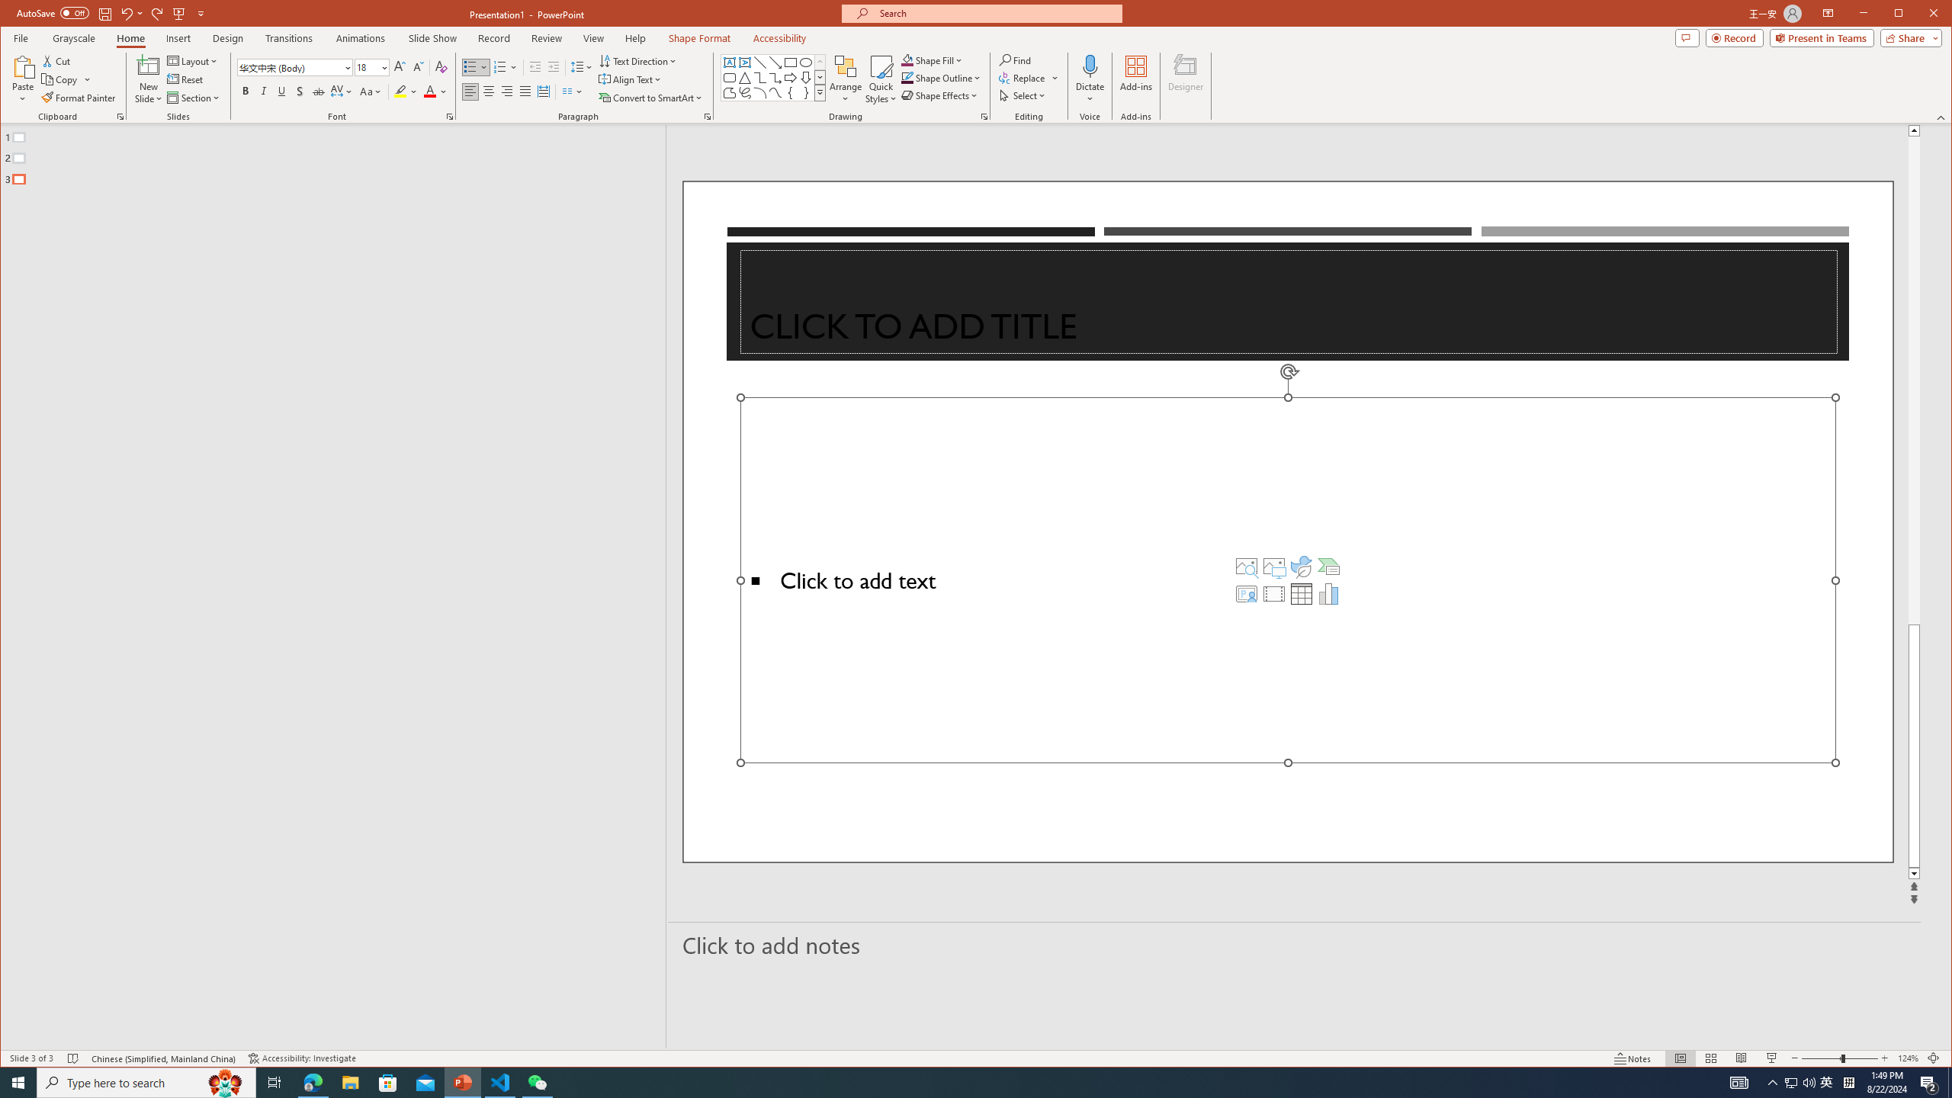 The image size is (1952, 1098). What do you see at coordinates (1328, 566) in the screenshot?
I see `'Insert a SmartArt Graphic'` at bounding box center [1328, 566].